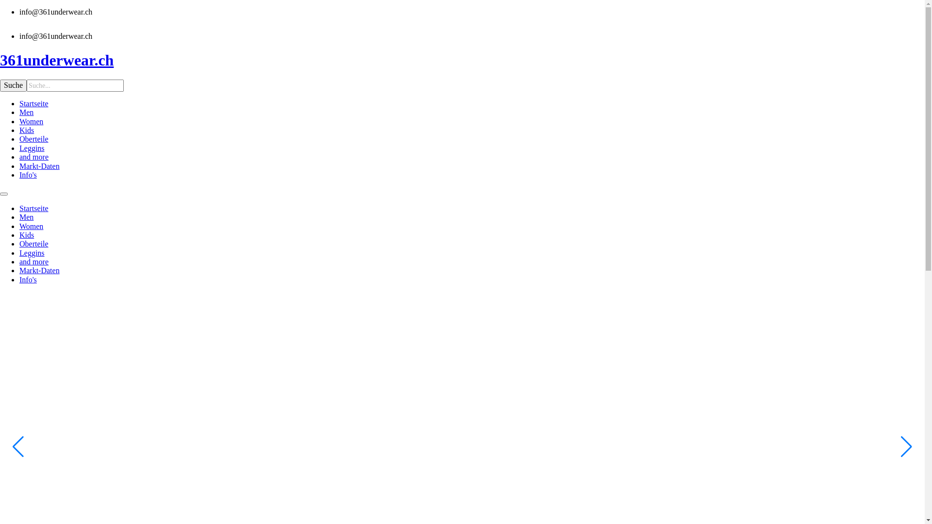  Describe the element at coordinates (19, 216) in the screenshot. I see `'Men'` at that location.